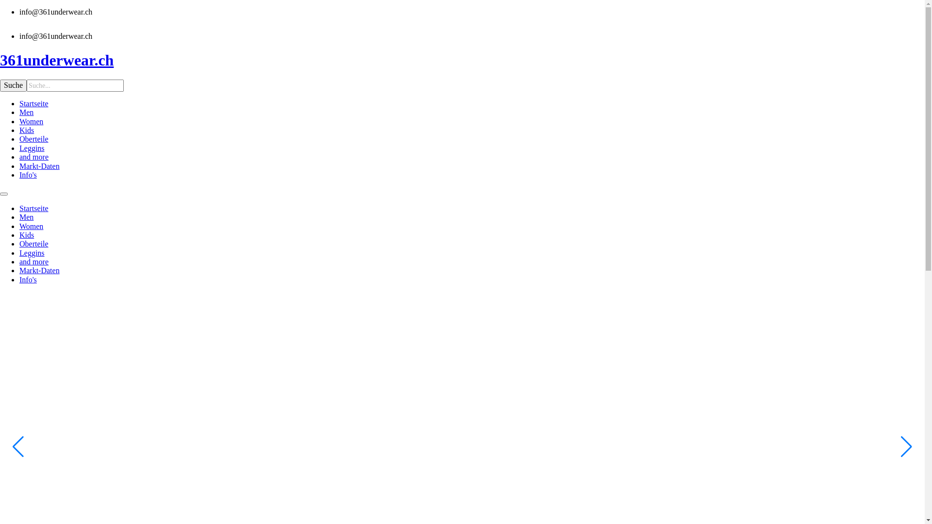  Describe the element at coordinates (19, 216) in the screenshot. I see `'Men'` at that location.